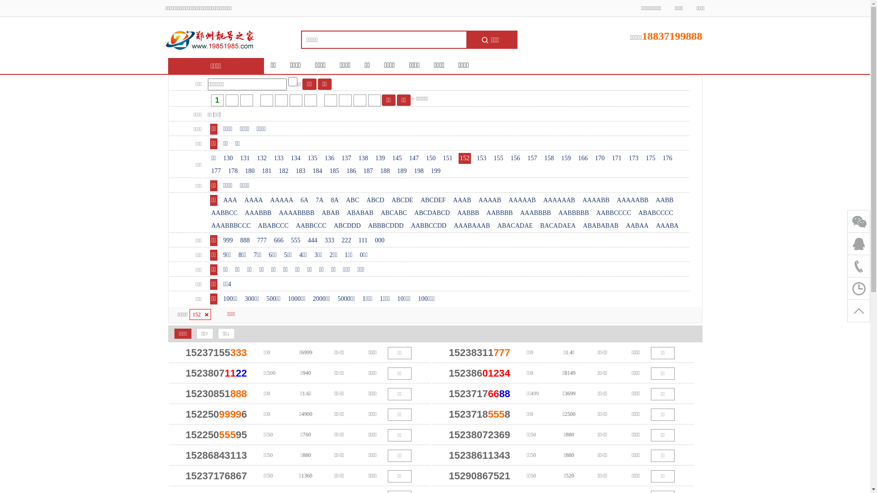  Describe the element at coordinates (226, 171) in the screenshot. I see `'178'` at that location.